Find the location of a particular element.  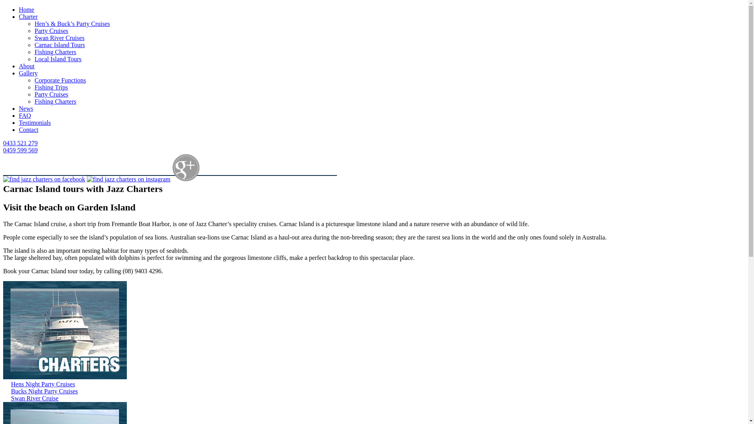

'Gallery' is located at coordinates (28, 73).